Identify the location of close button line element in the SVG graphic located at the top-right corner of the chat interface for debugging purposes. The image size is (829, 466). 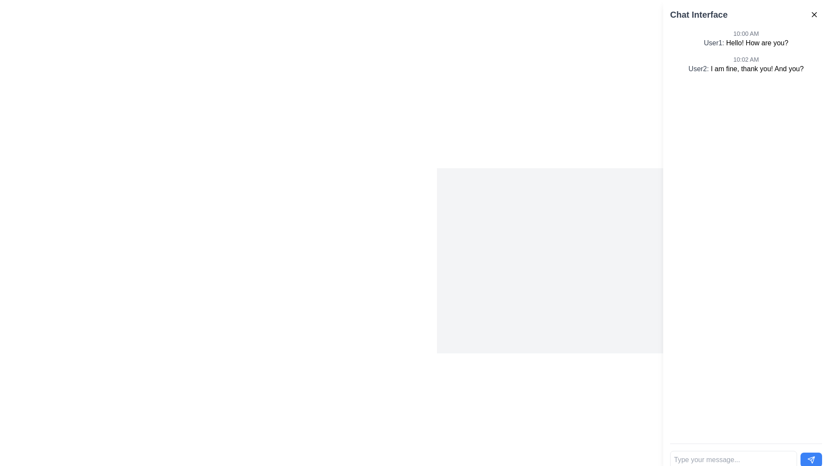
(814, 15).